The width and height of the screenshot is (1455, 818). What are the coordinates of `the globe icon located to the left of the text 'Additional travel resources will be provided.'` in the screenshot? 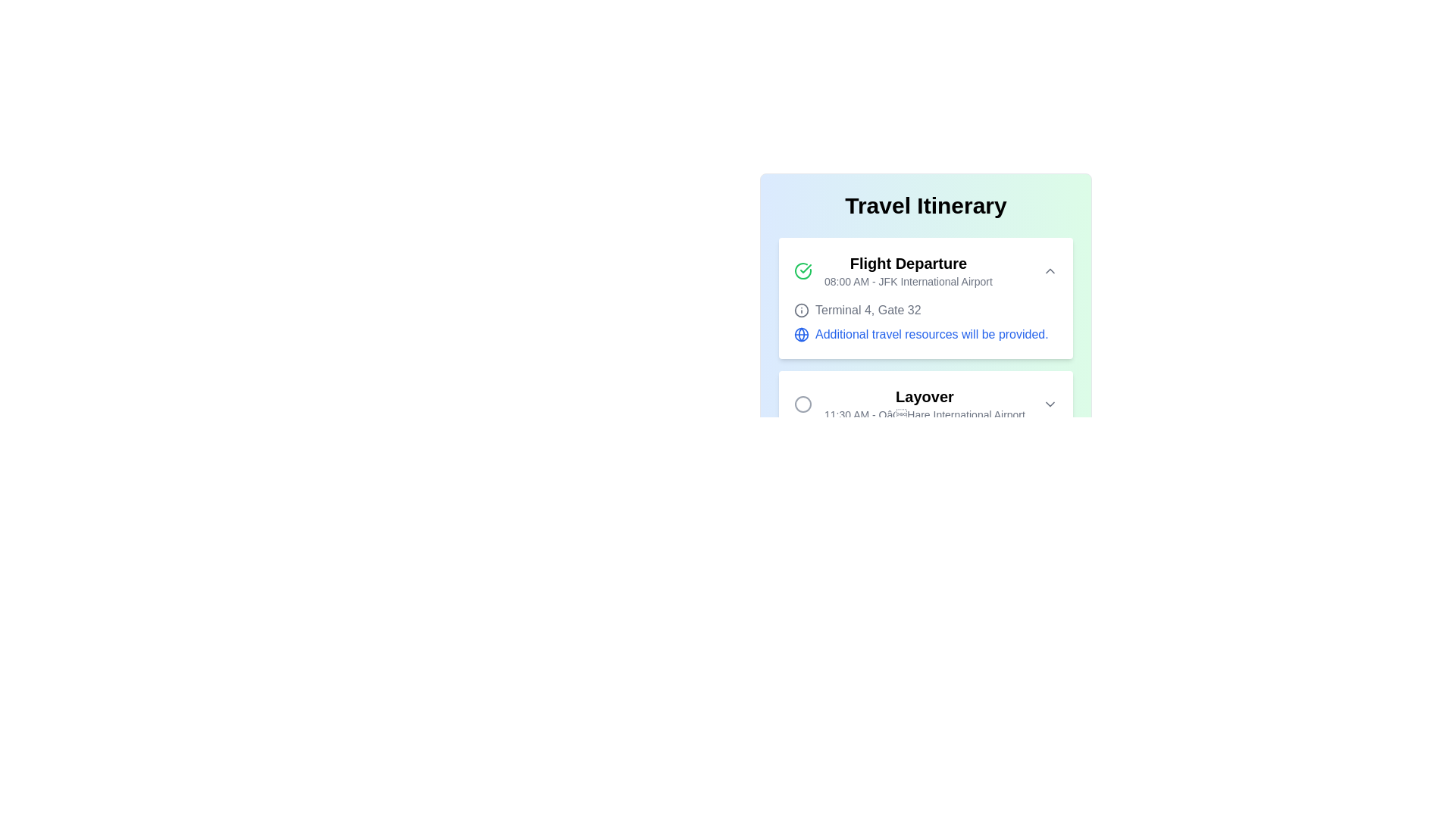 It's located at (800, 334).